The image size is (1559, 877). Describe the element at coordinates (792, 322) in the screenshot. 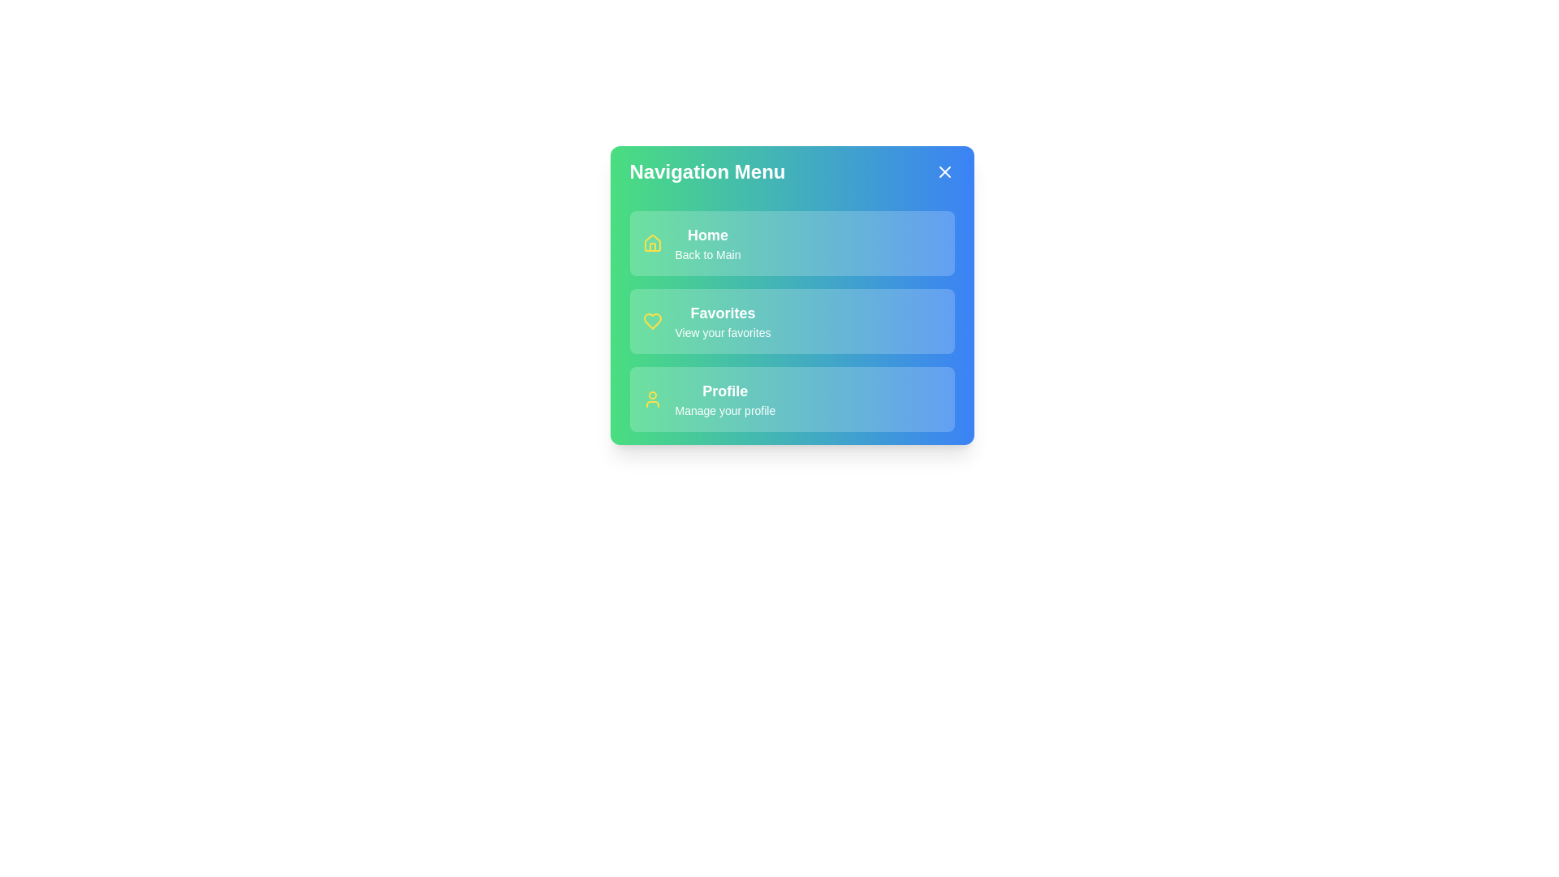

I see `the menu item Favorites` at that location.